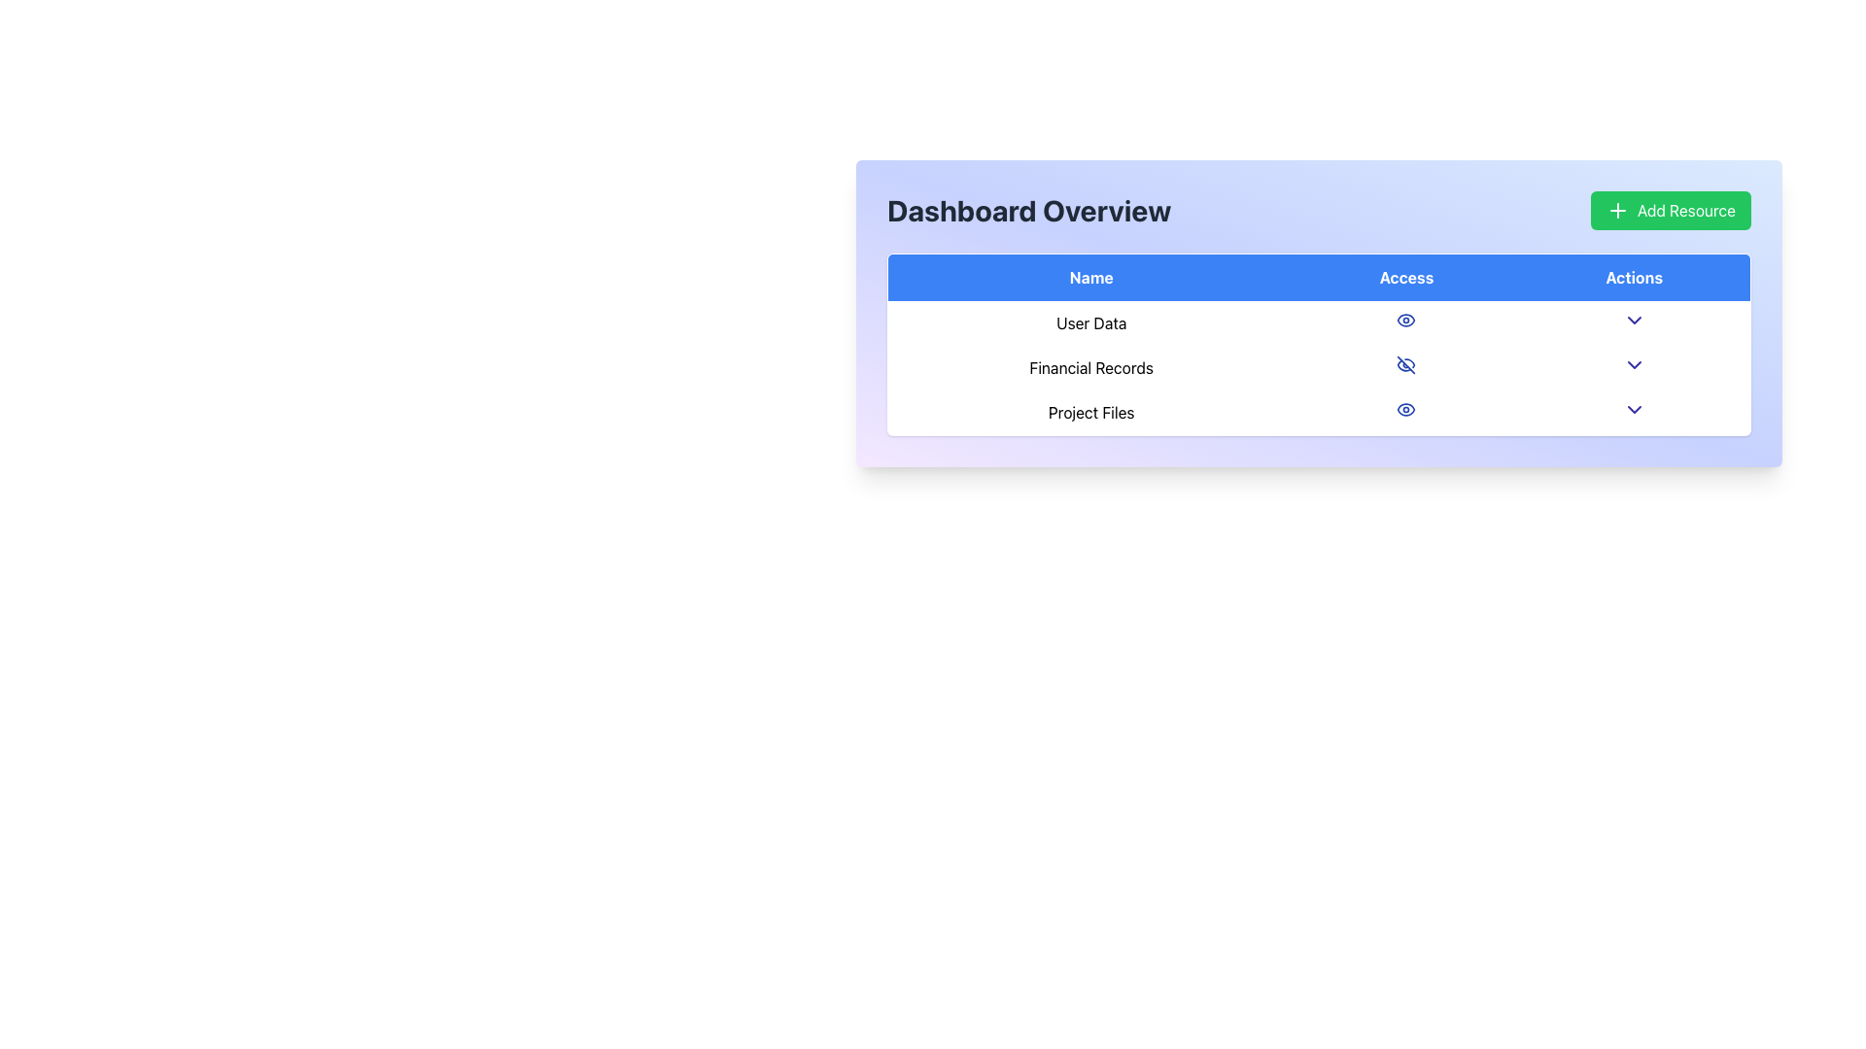  Describe the element at coordinates (1028, 210) in the screenshot. I see `text from the header labeled 'Dashboard Overview' which is displayed in a bold and large font style` at that location.